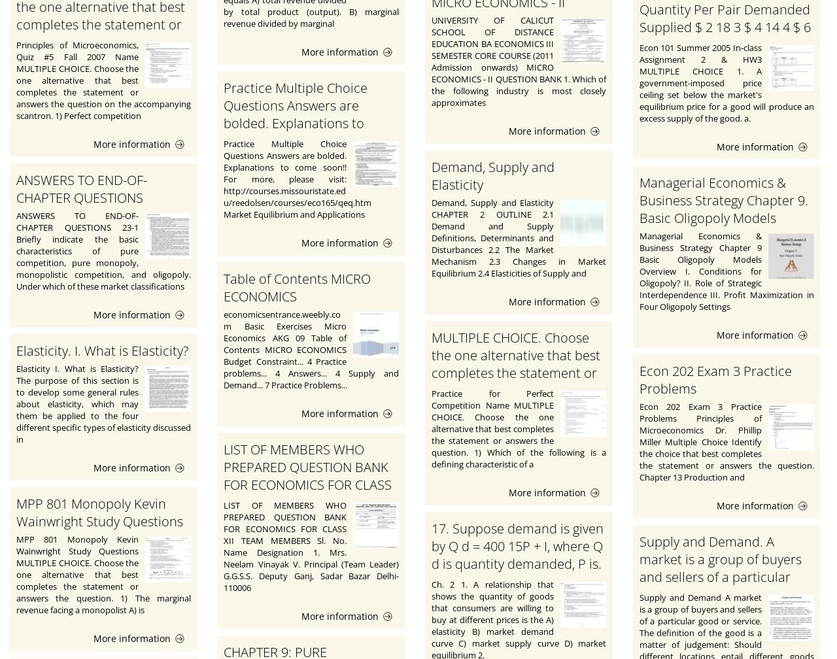 The image size is (837, 659). What do you see at coordinates (726, 270) in the screenshot?
I see `'Managerial Economics & Business Strategy Chapter 9 Basic Oligopoly Models Overview I. Conditions for Oligopoly? II. Role of Strategic Interdependence III. Profit Maximization in Four Oligopoly Settings'` at bounding box center [726, 270].